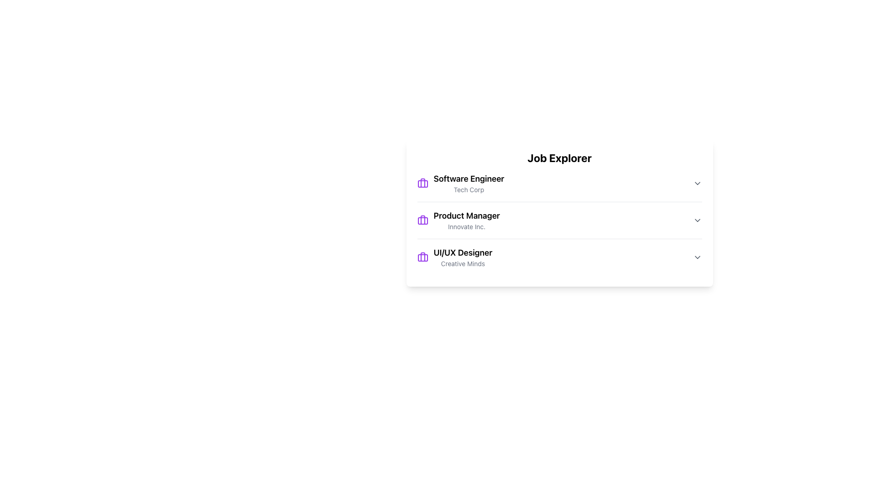  What do you see at coordinates (460, 183) in the screenshot?
I see `the first list item representing the Software Engineer position at Tech Corp under the 'Job Explorer' heading` at bounding box center [460, 183].